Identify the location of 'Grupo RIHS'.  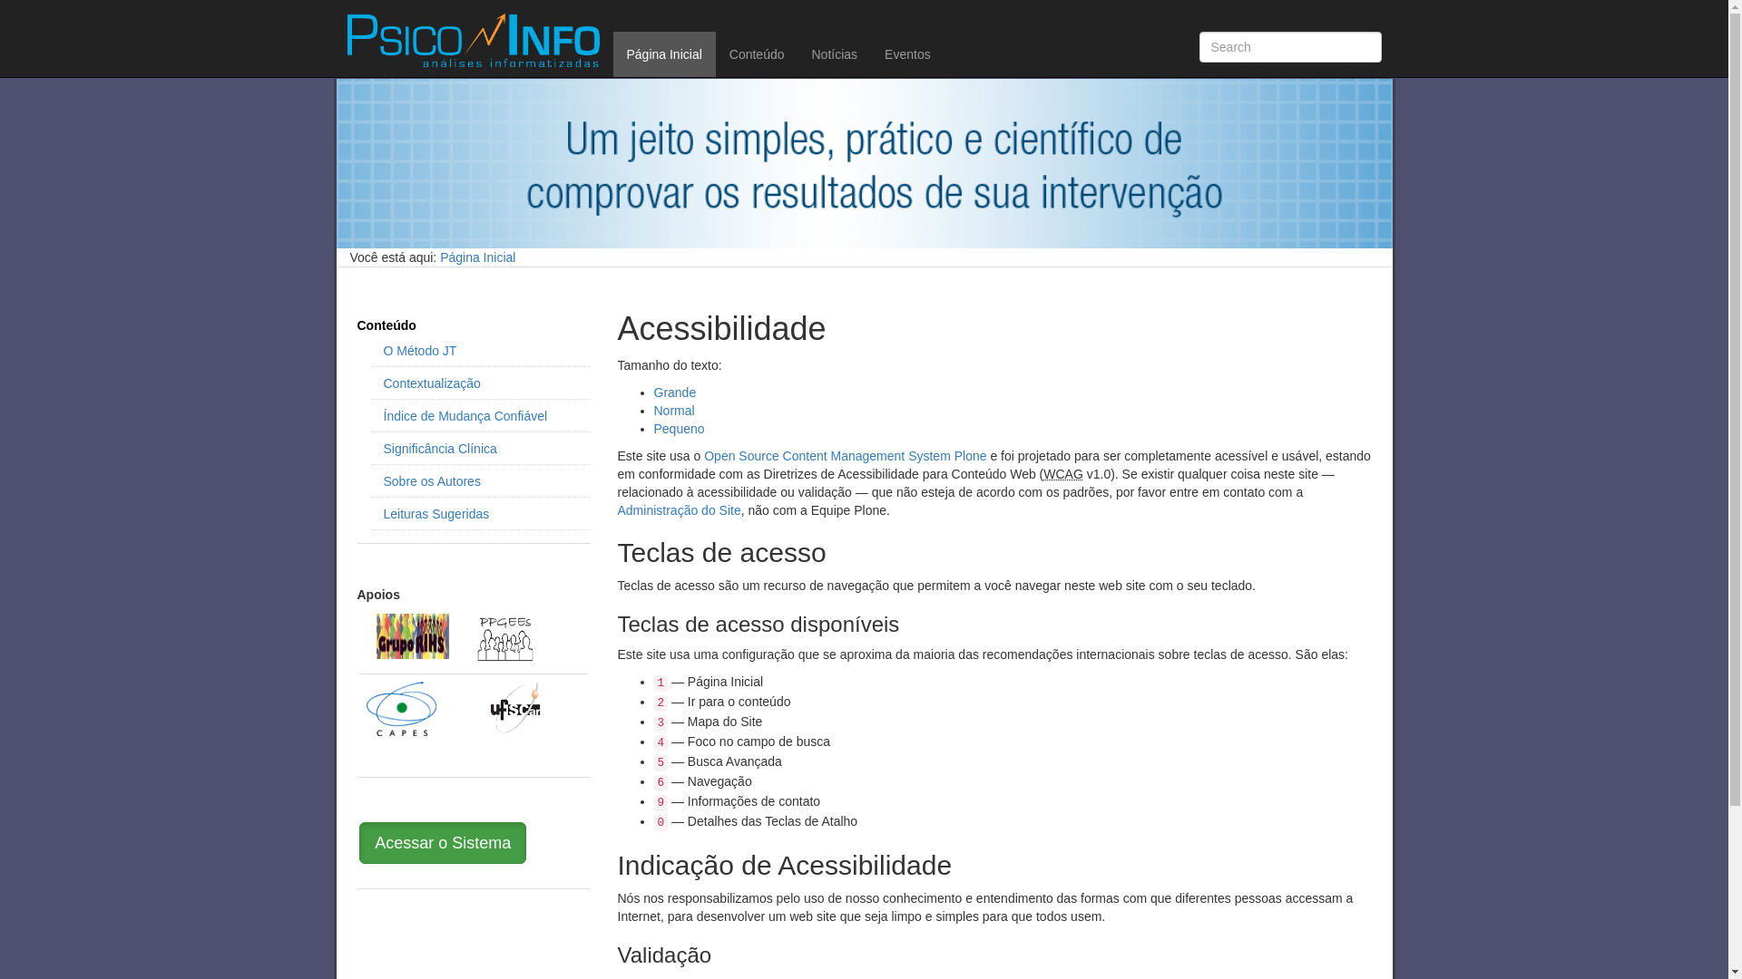
(375, 635).